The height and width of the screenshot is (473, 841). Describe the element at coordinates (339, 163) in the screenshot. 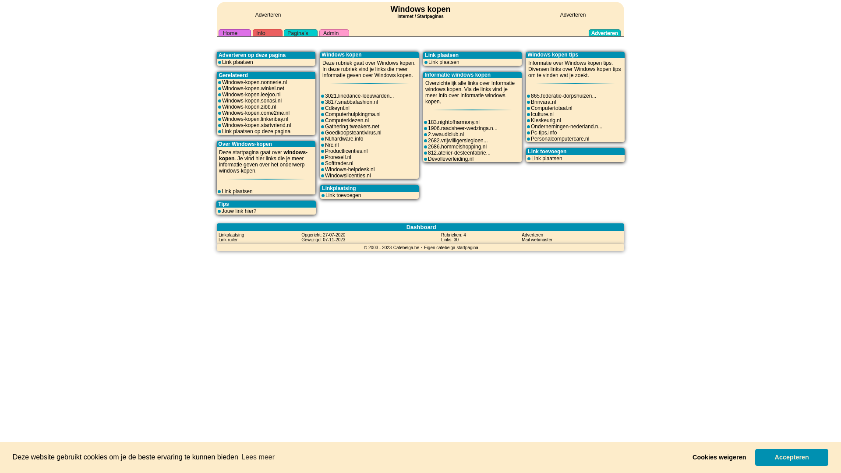

I see `'Softtrader.nl'` at that location.